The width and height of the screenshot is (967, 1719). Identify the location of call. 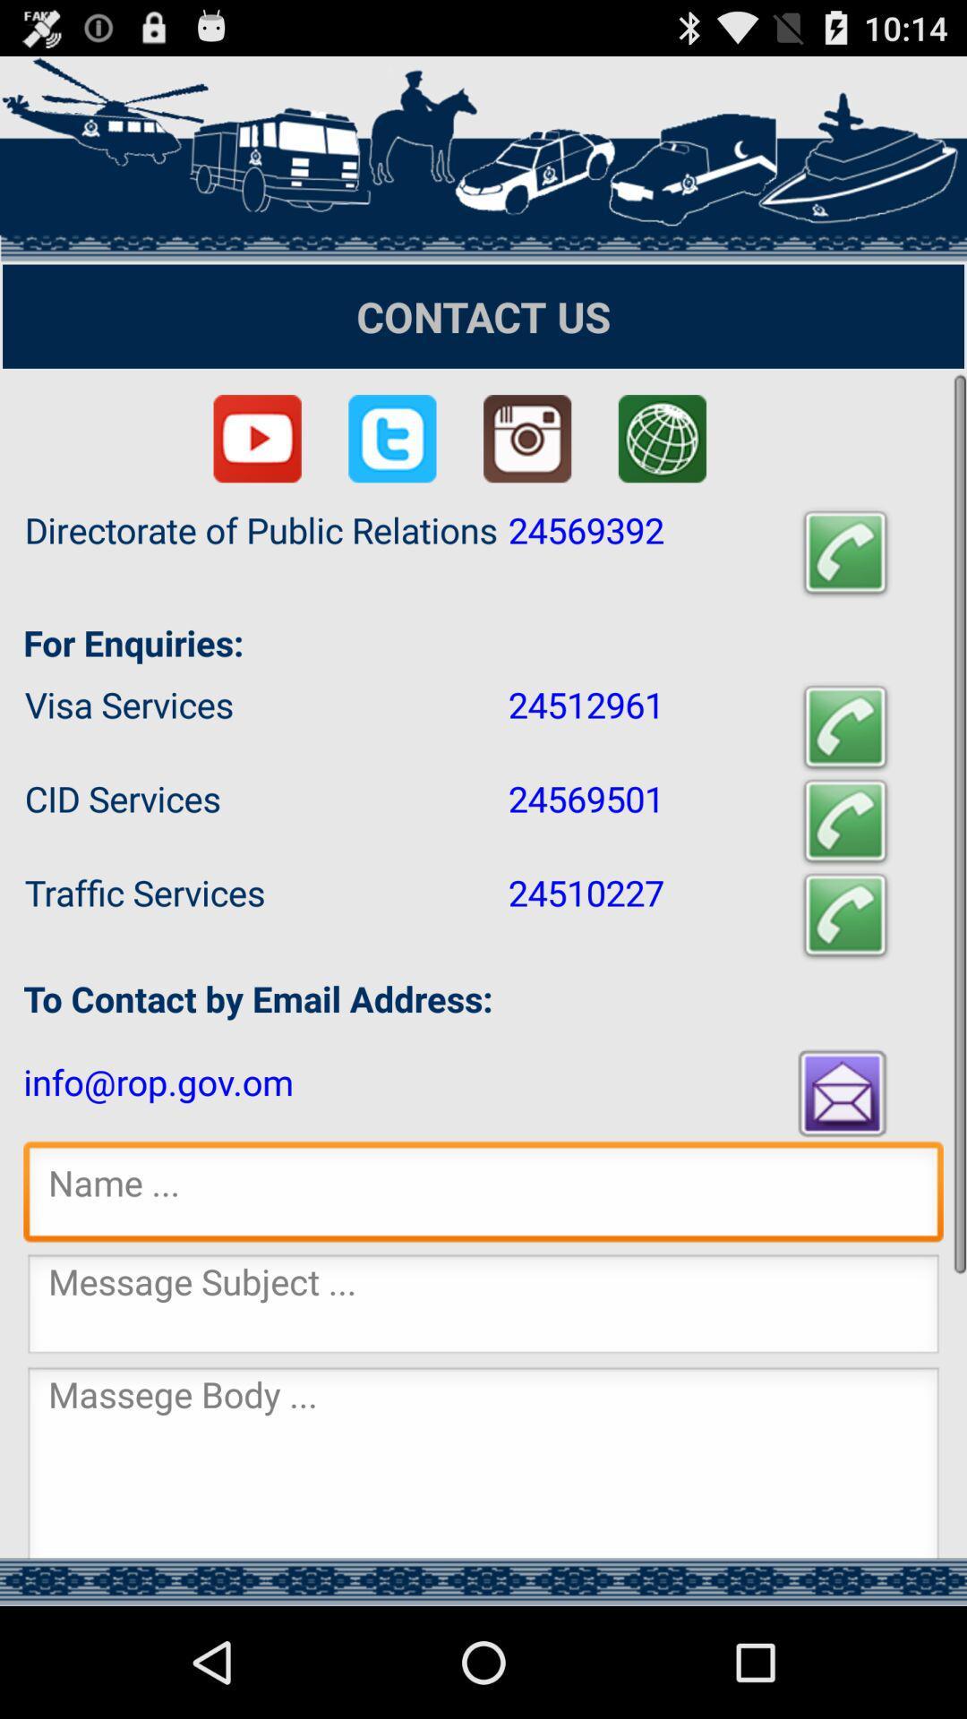
(845, 915).